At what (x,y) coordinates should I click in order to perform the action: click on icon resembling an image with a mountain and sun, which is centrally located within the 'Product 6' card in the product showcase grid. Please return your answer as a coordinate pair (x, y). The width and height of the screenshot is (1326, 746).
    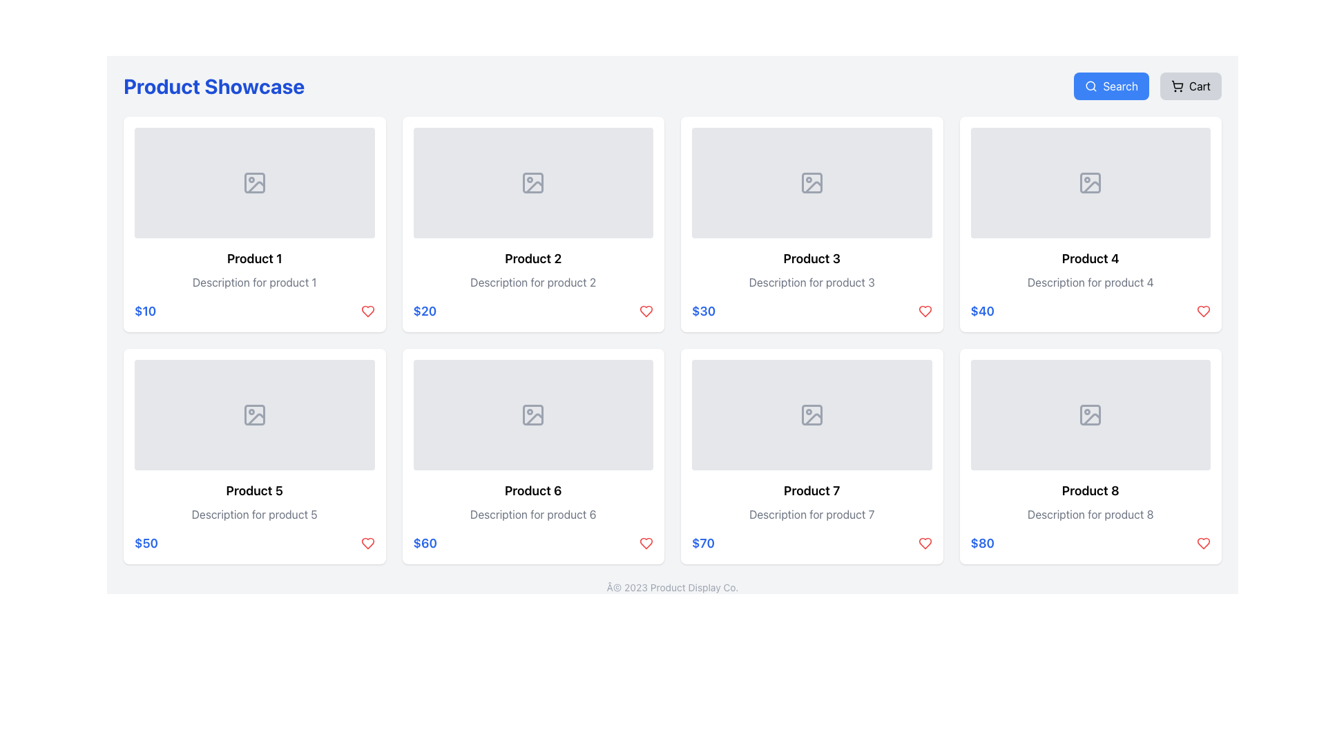
    Looking at the image, I should click on (532, 414).